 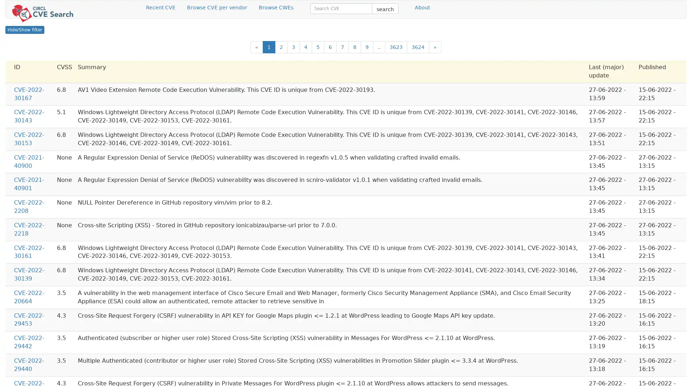 I want to click on Hide/Show filter, so click(x=25, y=30).